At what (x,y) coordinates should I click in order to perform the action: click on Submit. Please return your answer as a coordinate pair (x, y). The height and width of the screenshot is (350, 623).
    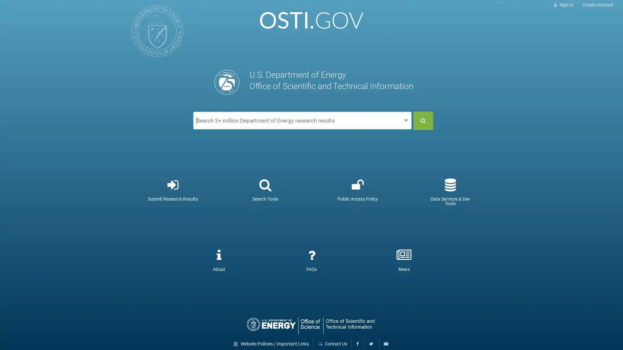
    Looking at the image, I should click on (423, 120).